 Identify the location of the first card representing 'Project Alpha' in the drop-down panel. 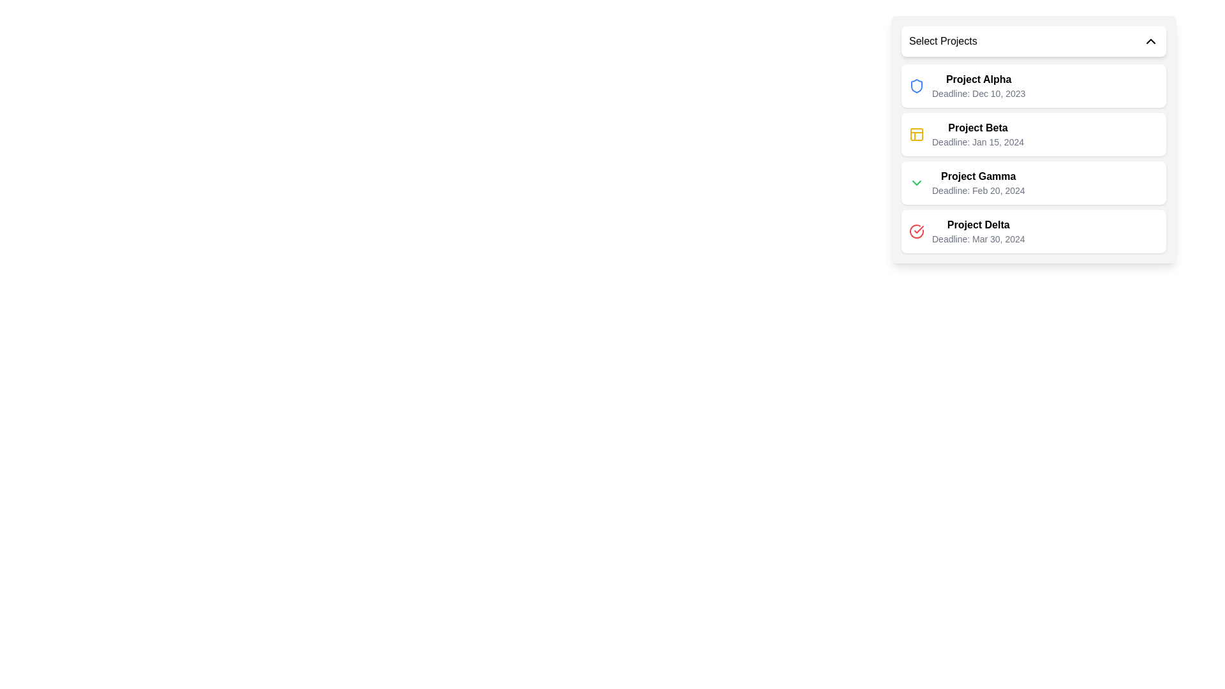
(1034, 86).